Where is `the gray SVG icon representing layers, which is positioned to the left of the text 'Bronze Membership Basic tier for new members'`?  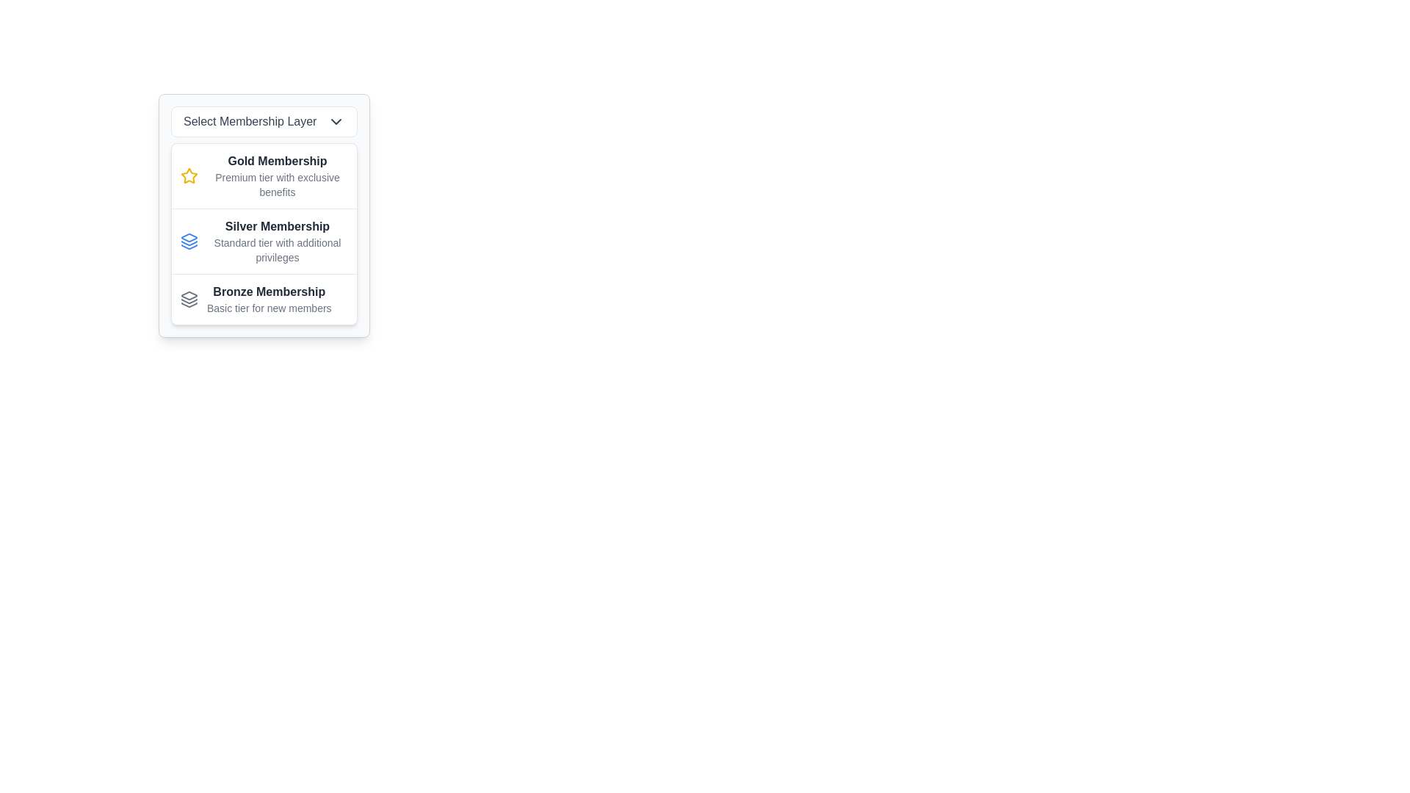
the gray SVG icon representing layers, which is positioned to the left of the text 'Bronze Membership Basic tier for new members' is located at coordinates (189, 299).